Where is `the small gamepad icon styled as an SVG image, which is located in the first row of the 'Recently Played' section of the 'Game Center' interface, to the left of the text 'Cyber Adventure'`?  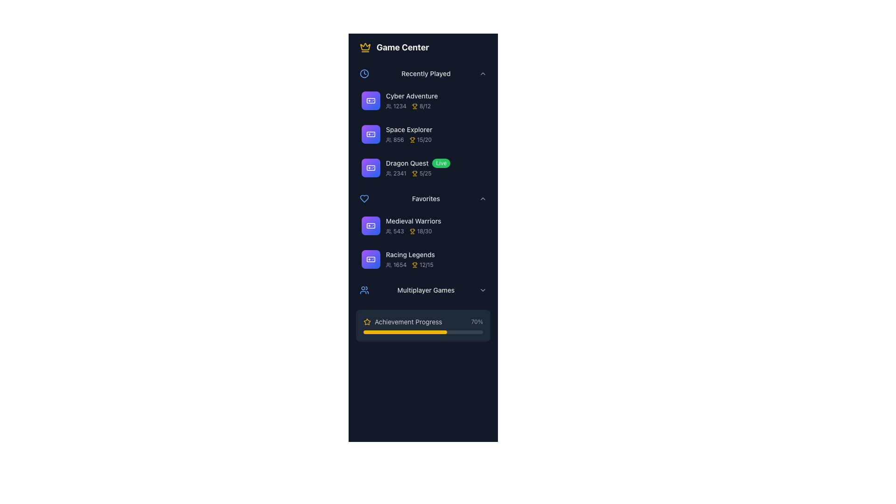 the small gamepad icon styled as an SVG image, which is located in the first row of the 'Recently Played' section of the 'Game Center' interface, to the left of the text 'Cyber Adventure' is located at coordinates (371, 101).